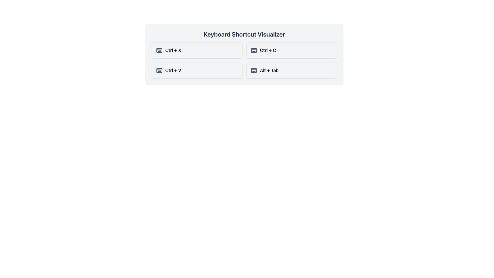 This screenshot has height=278, width=494. I want to click on the button that represents the 'Ctrl + C' keyboard shortcut, located at the top row, second column of a 2x2 grid layout, so click(292, 50).